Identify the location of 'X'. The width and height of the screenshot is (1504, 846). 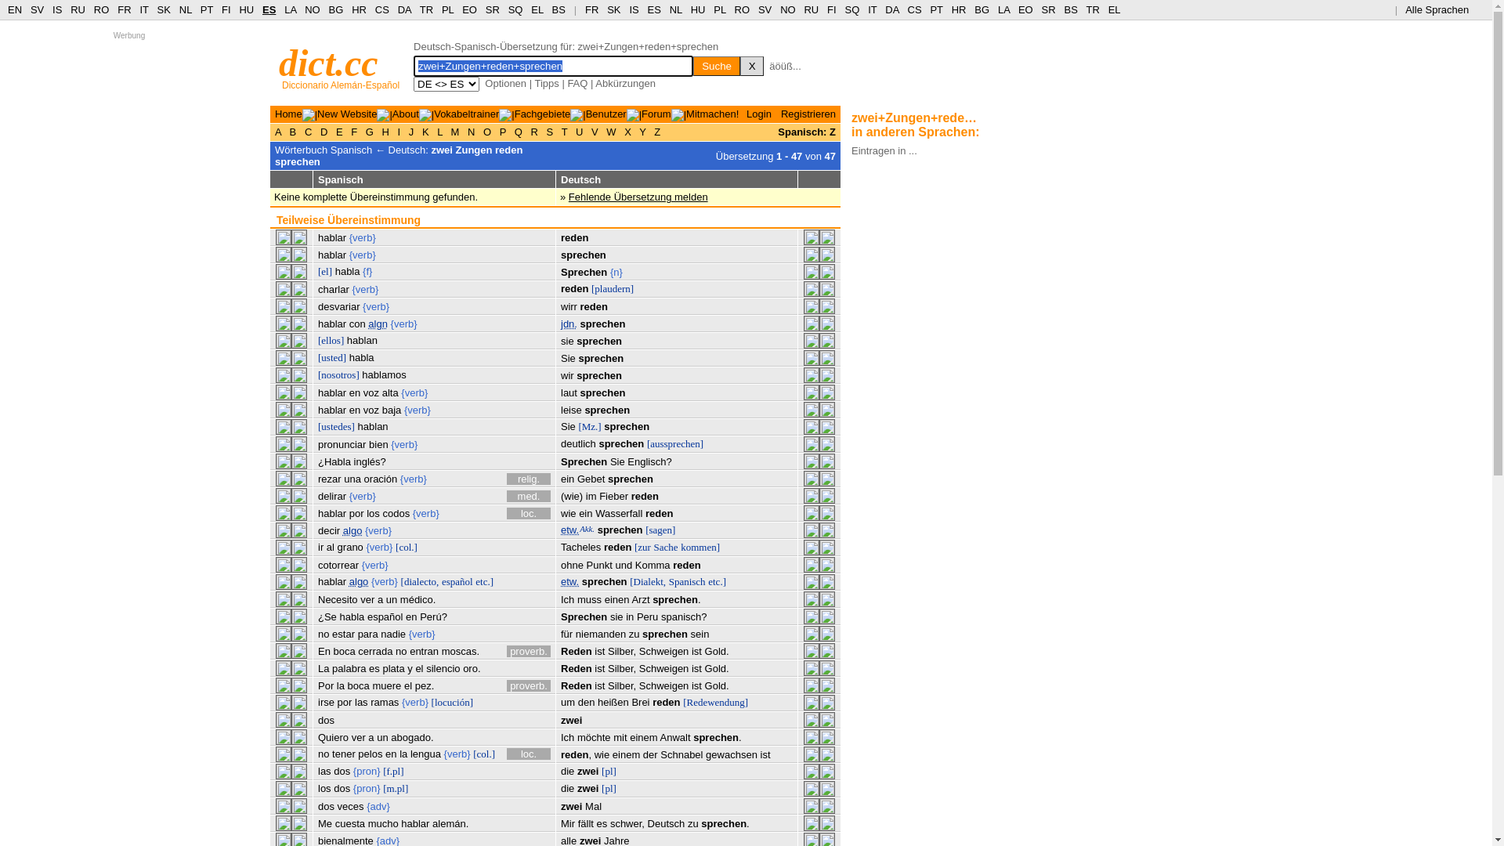
(752, 65).